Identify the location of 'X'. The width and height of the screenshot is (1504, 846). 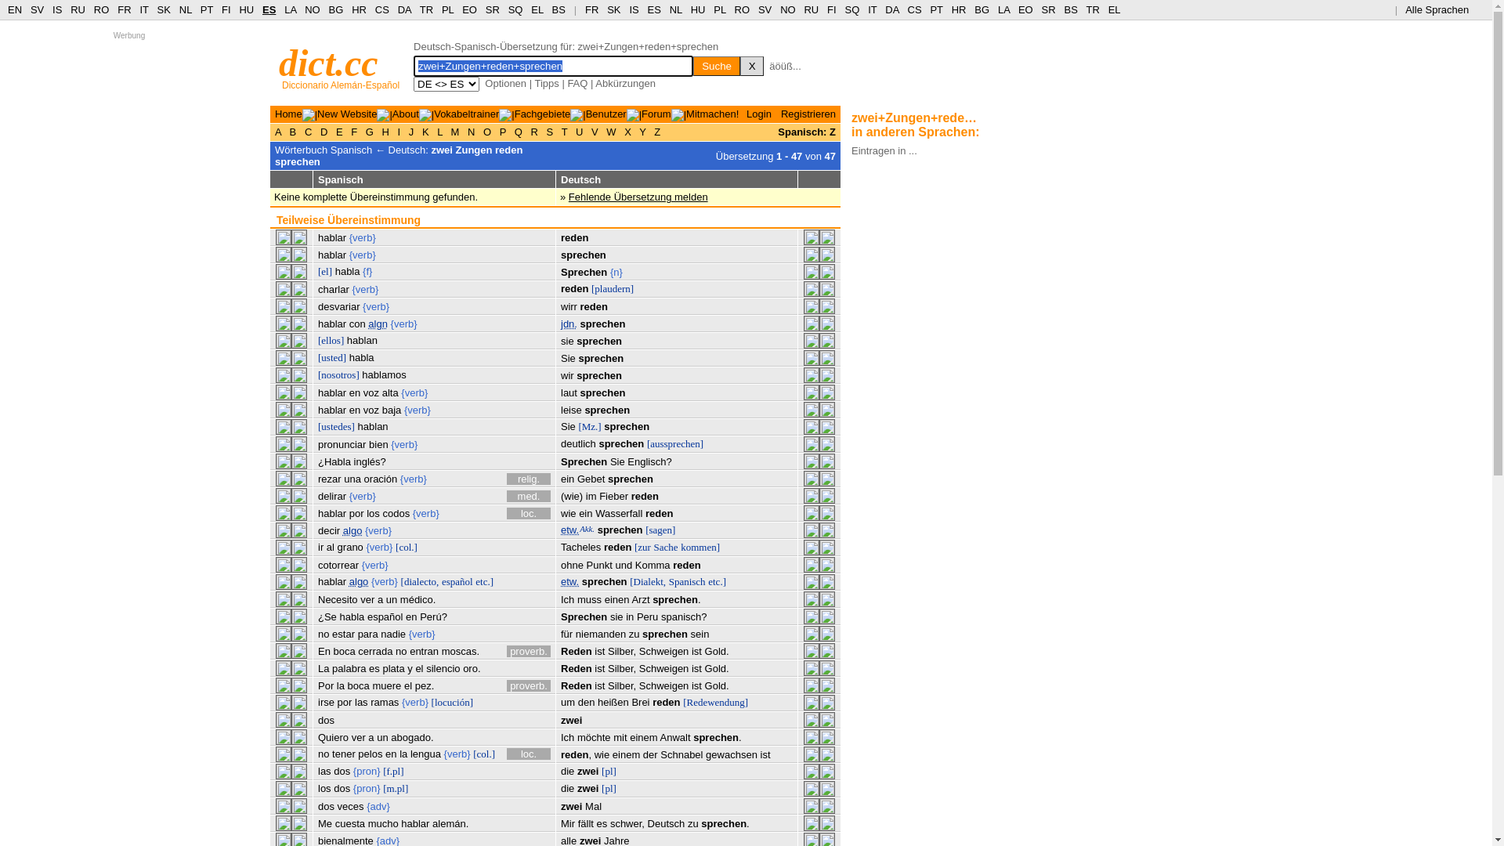
(752, 65).